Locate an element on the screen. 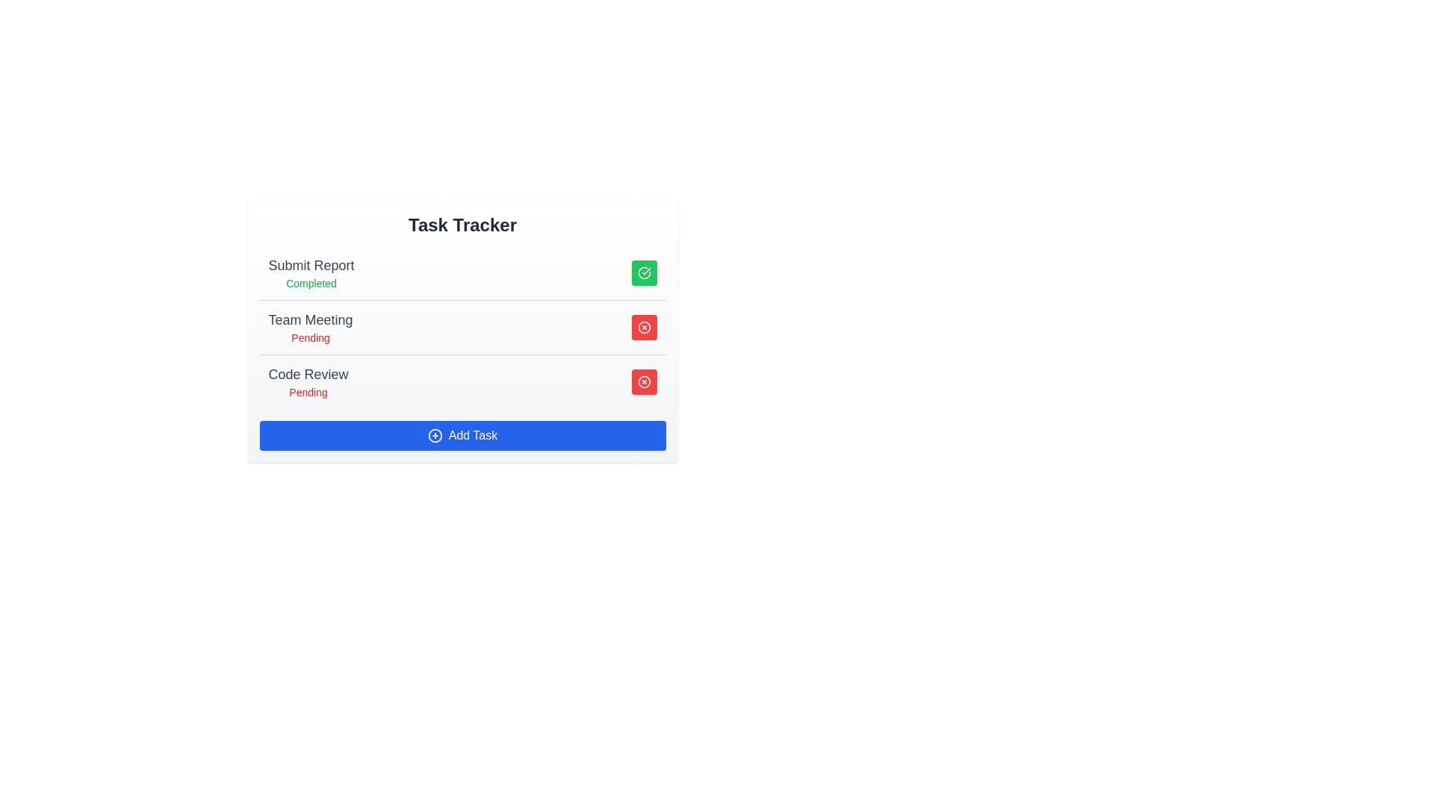 The height and width of the screenshot is (806, 1434). the 'Completed' text label displayed in green font, which is located below the 'Submit Report' label in the task tracking interface is located at coordinates (311, 284).